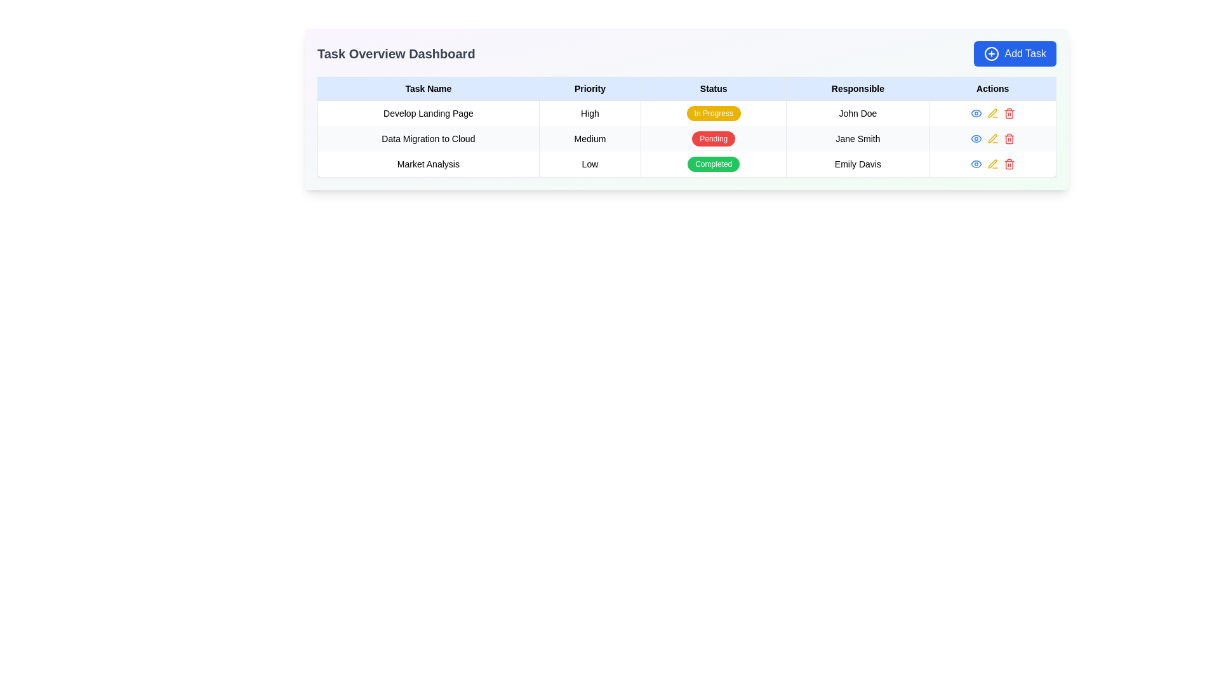 The width and height of the screenshot is (1219, 685). Describe the element at coordinates (1008, 163) in the screenshot. I see `the delete button located in the 'Actions' column of the last row of the table to initiate the deletion process` at that location.